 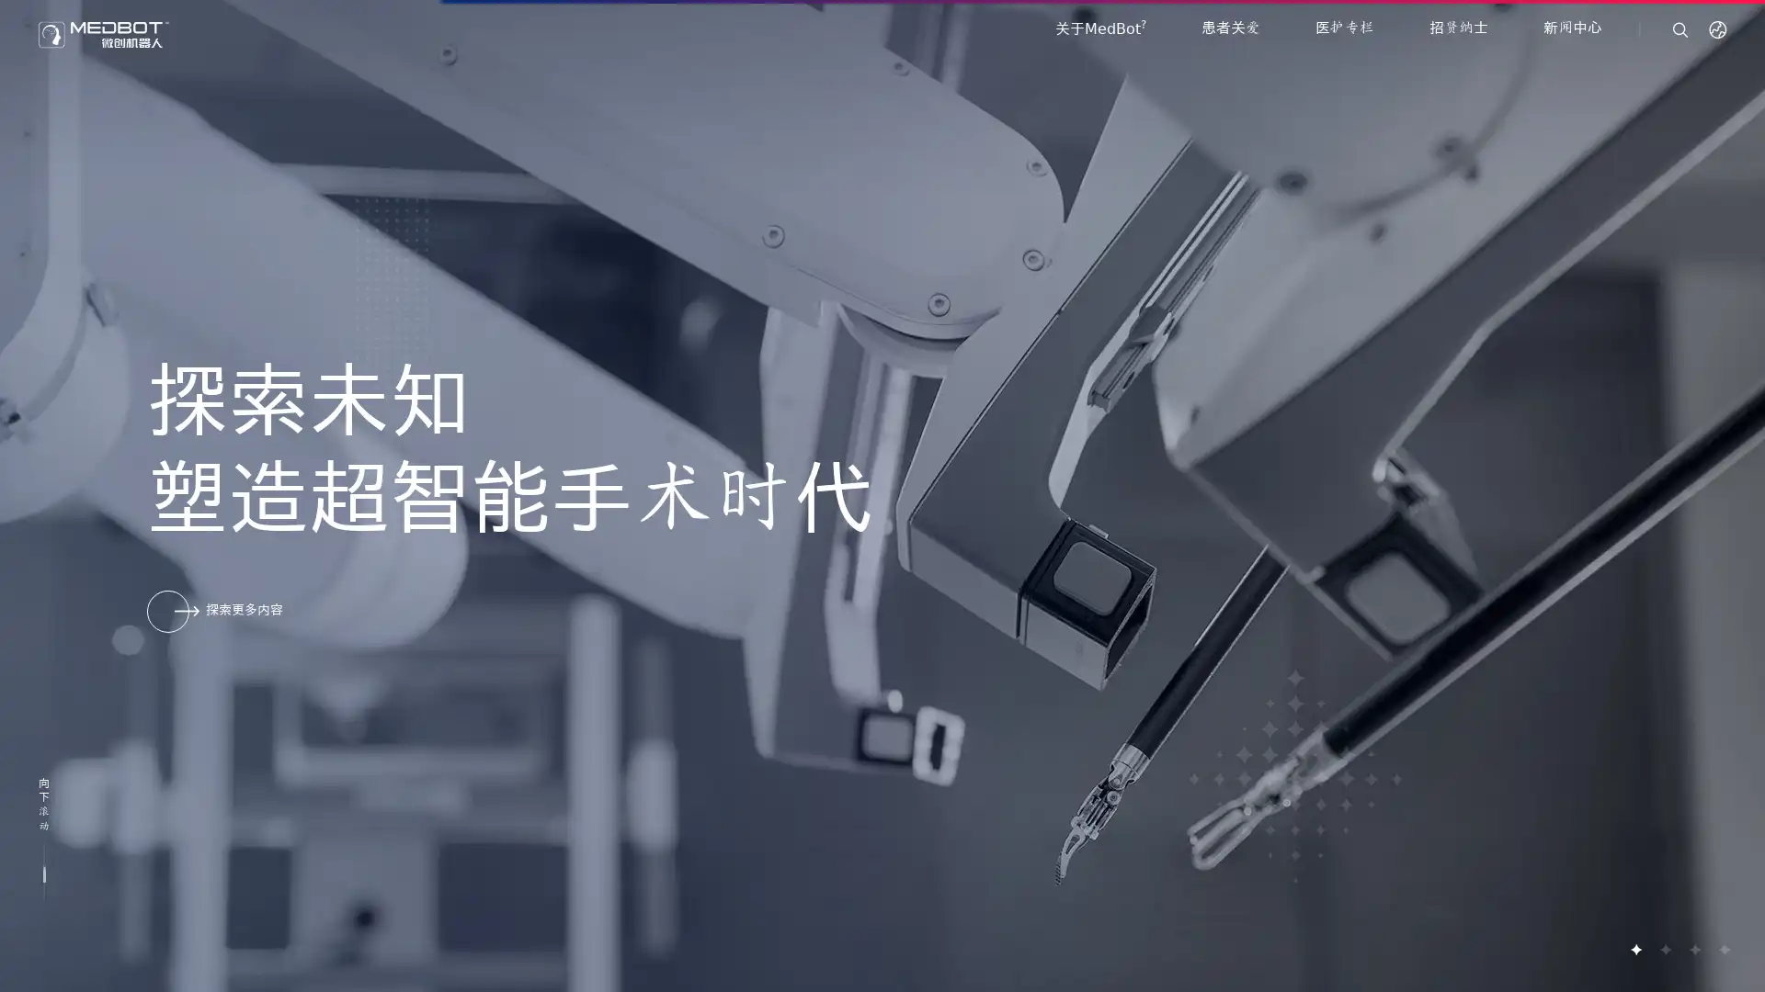 I want to click on Go to slide 3, so click(x=1693, y=949).